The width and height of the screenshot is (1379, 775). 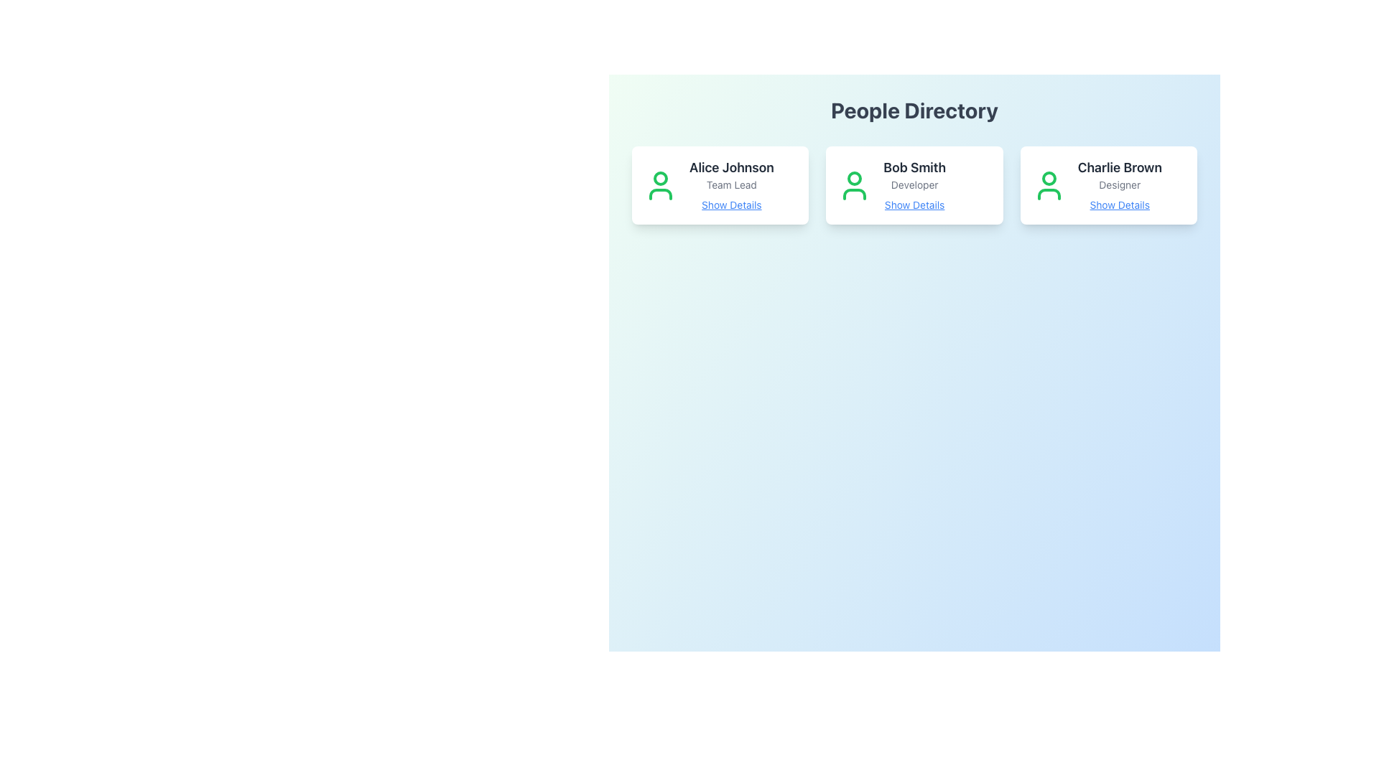 What do you see at coordinates (731, 205) in the screenshot?
I see `the 'Show Details' hyperlink located below the 'Team Lead' text and beneath 'Alice Johnson' in the leftmost profile card` at bounding box center [731, 205].